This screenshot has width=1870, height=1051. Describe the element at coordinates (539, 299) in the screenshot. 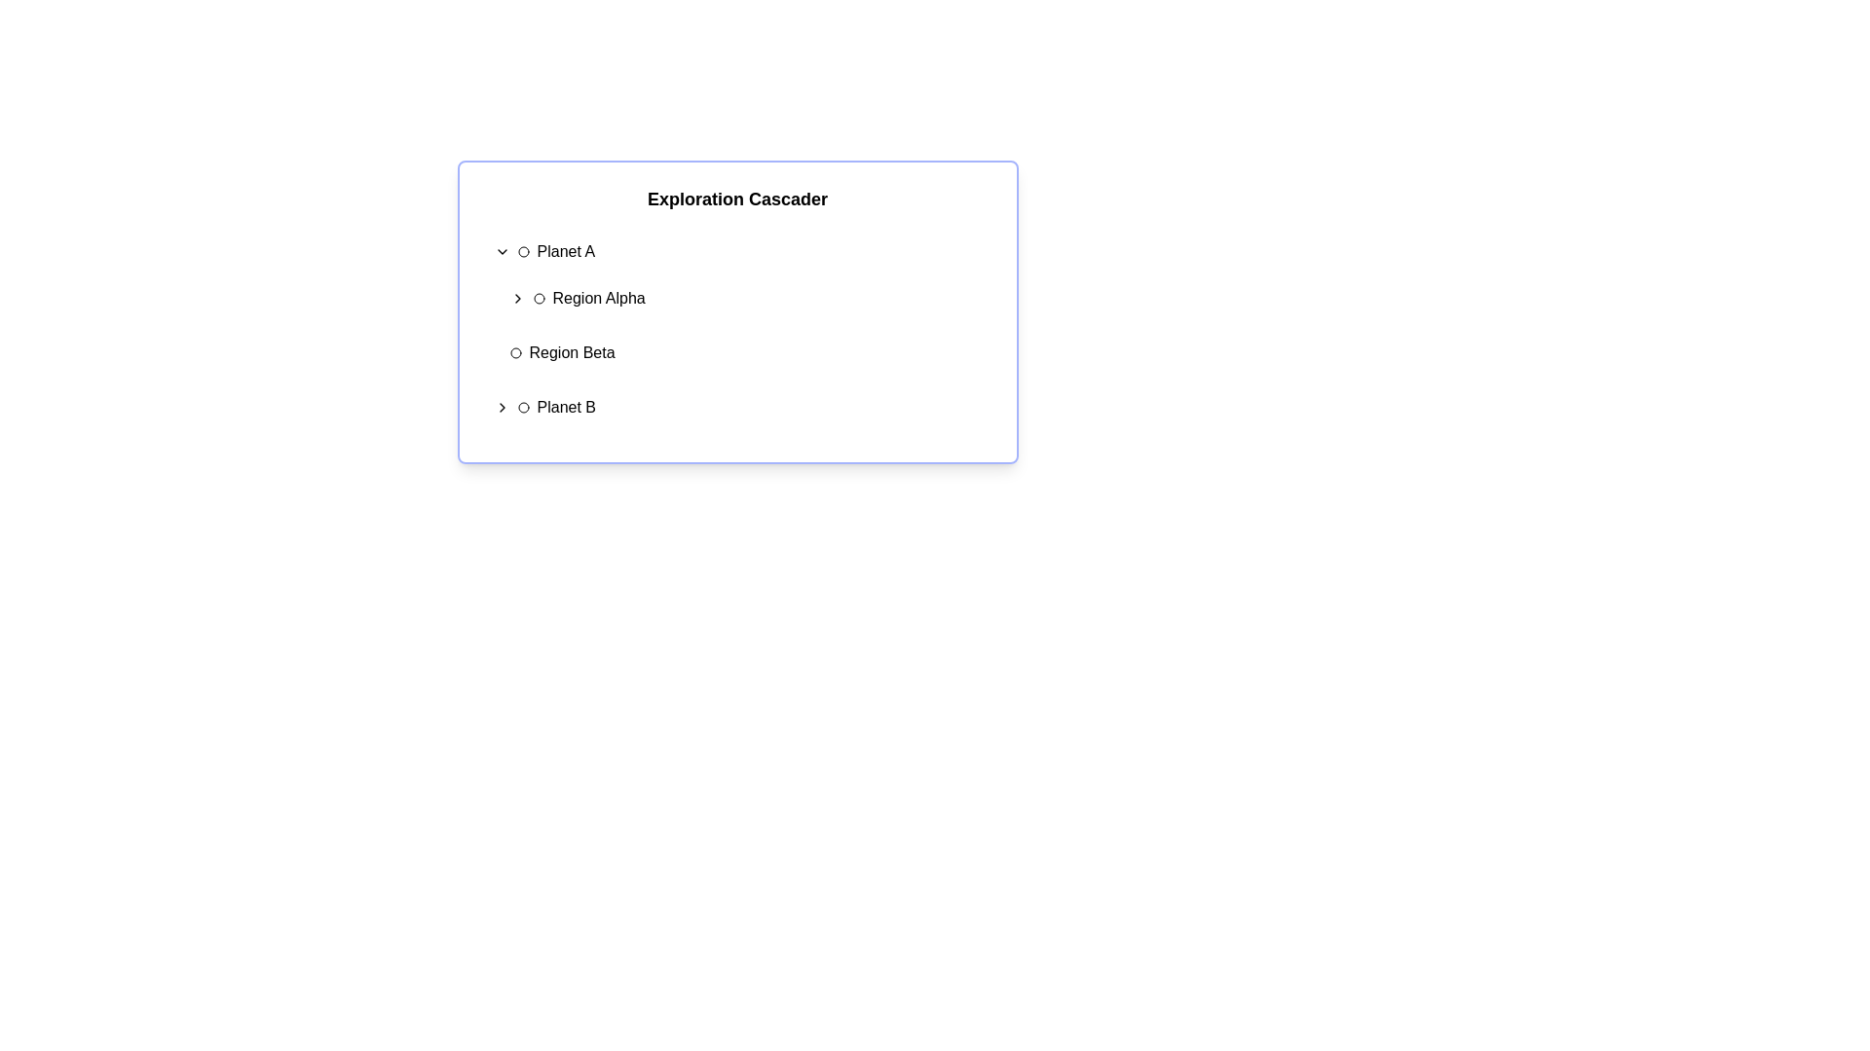

I see `the second circular icon with a stroke outline located between the right-facing chevron icon and the text 'Region Alpha'` at that location.